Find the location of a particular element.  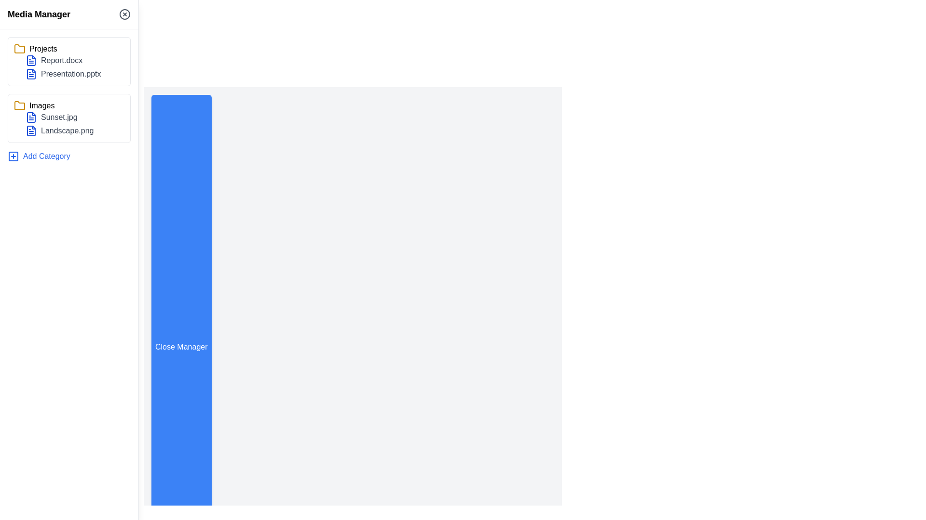

the 'Images' section in the Media Manager sidebar is located at coordinates (68, 118).